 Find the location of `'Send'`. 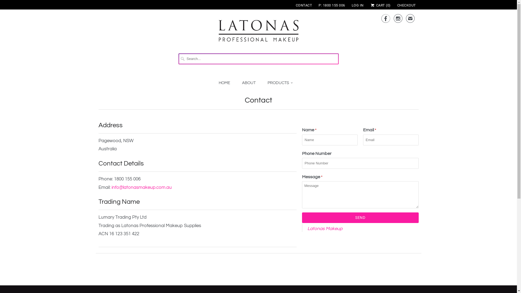

'Send' is located at coordinates (301, 217).